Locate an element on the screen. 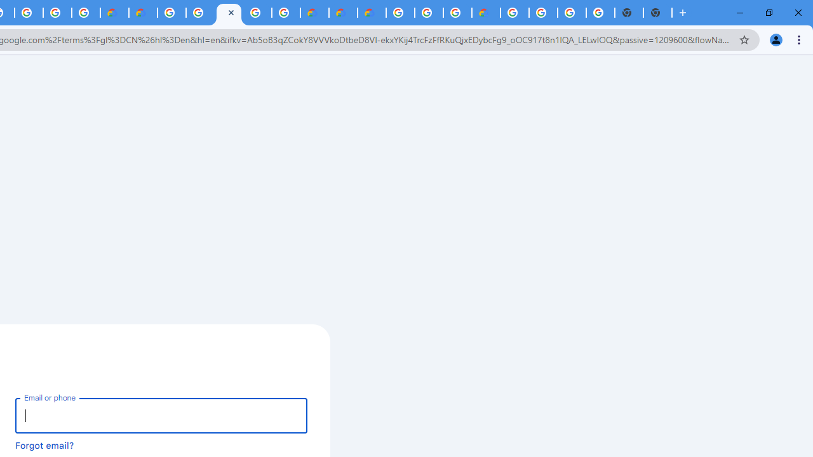 Image resolution: width=813 pixels, height=457 pixels. 'Google Cloud Pricing Calculator' is located at coordinates (343, 13).